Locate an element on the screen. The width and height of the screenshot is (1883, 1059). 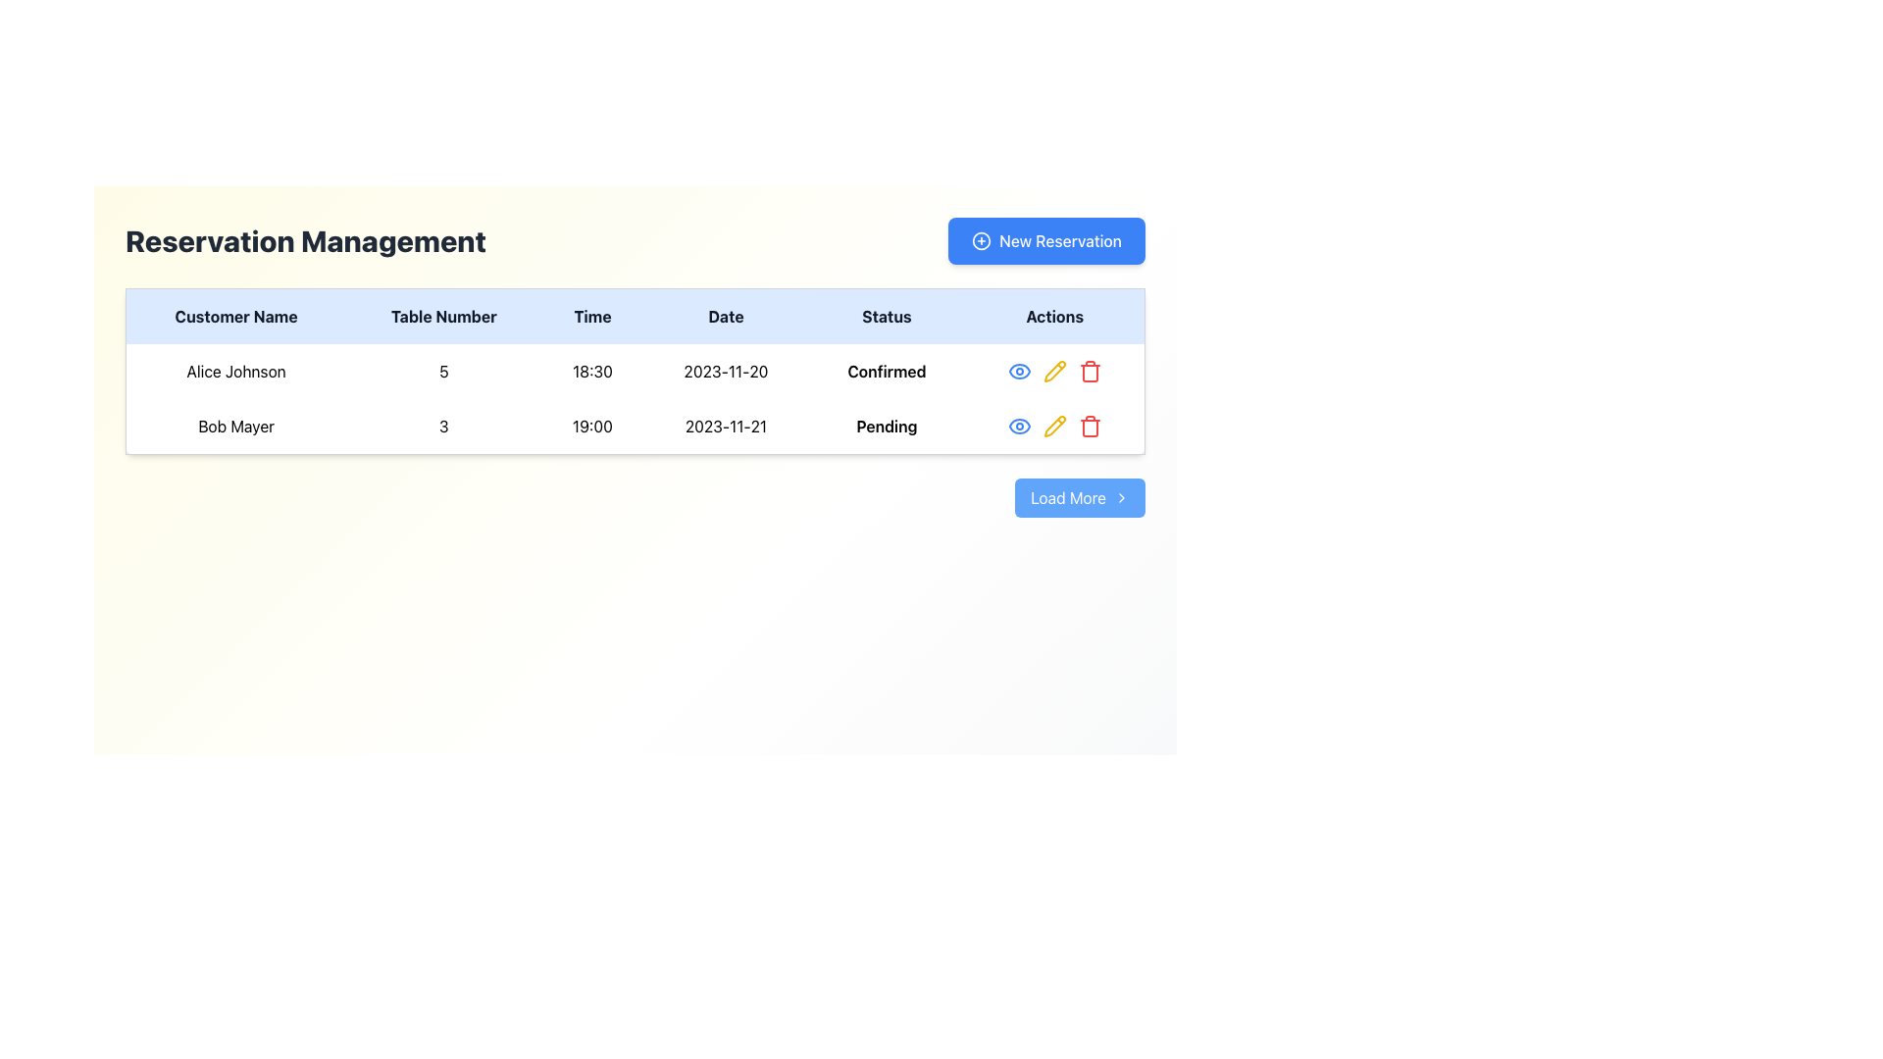
the text label displaying the date '2023-11-20' located in the 'Date' column of the reservation entry for 'Alice Johnson' is located at coordinates (725, 371).